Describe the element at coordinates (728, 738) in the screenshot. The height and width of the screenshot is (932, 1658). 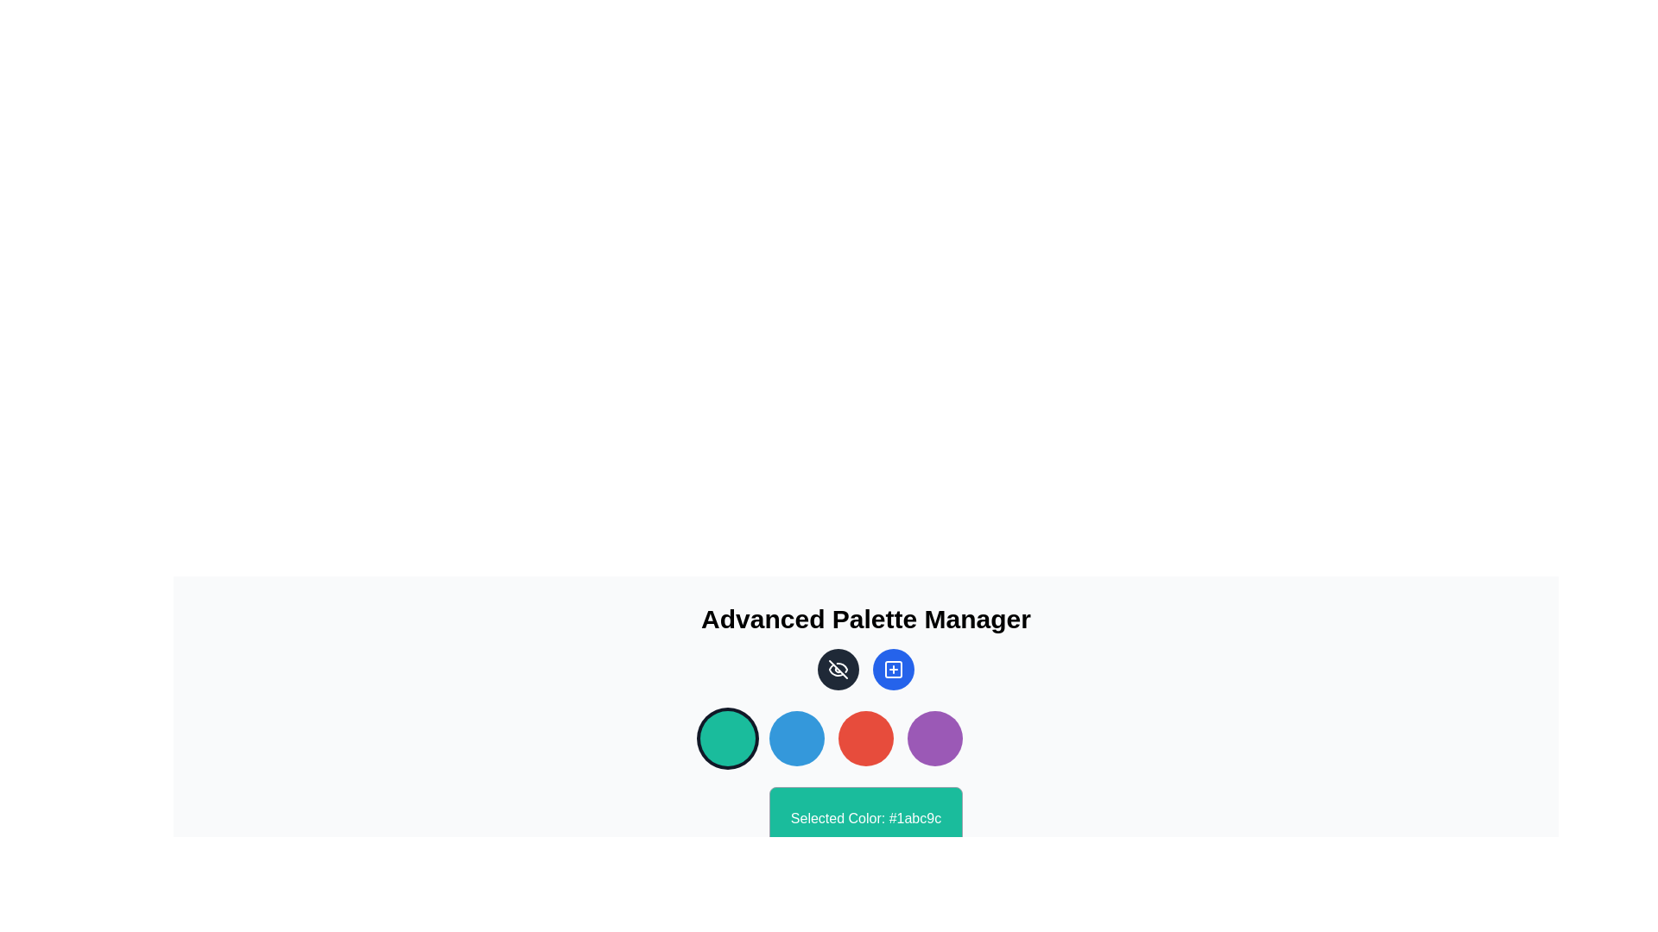
I see `the teal color selection button located at the bottom left of the interface, which is the first in a row of five circular buttons` at that location.